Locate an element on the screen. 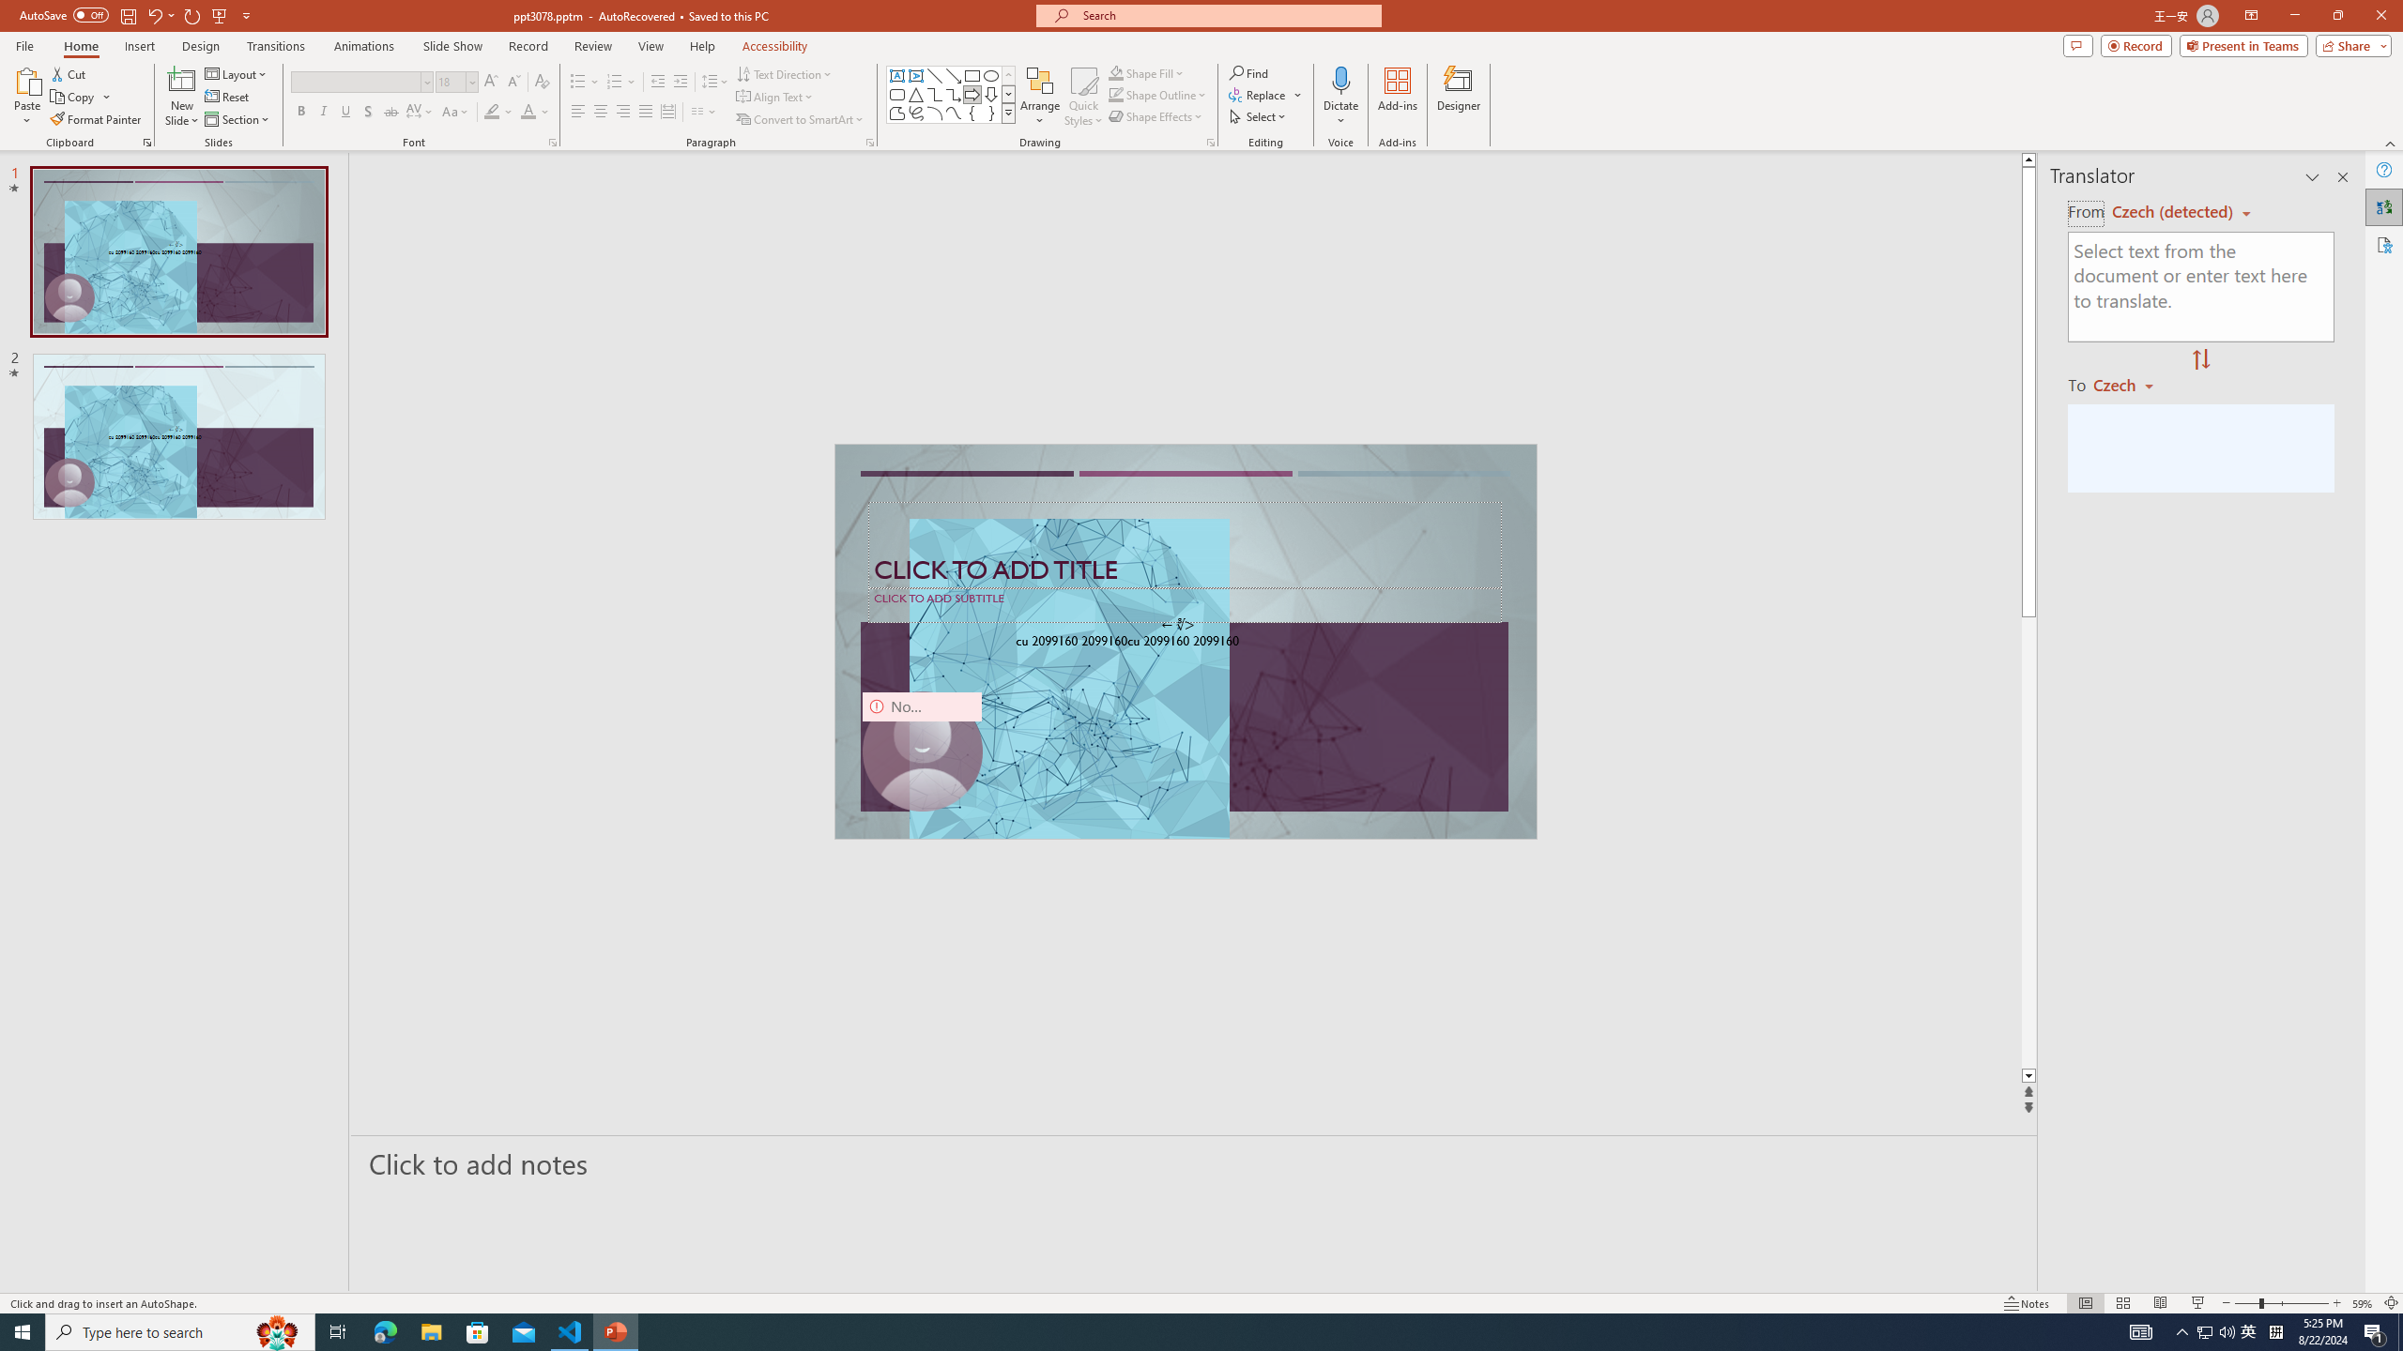  'Swap "from" and "to" languages.' is located at coordinates (2199, 359).